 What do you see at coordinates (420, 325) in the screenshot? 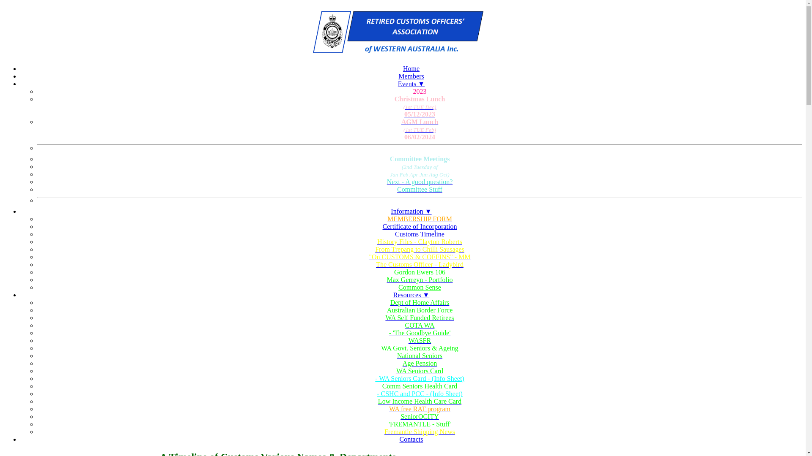
I see `'COTA WA'` at bounding box center [420, 325].